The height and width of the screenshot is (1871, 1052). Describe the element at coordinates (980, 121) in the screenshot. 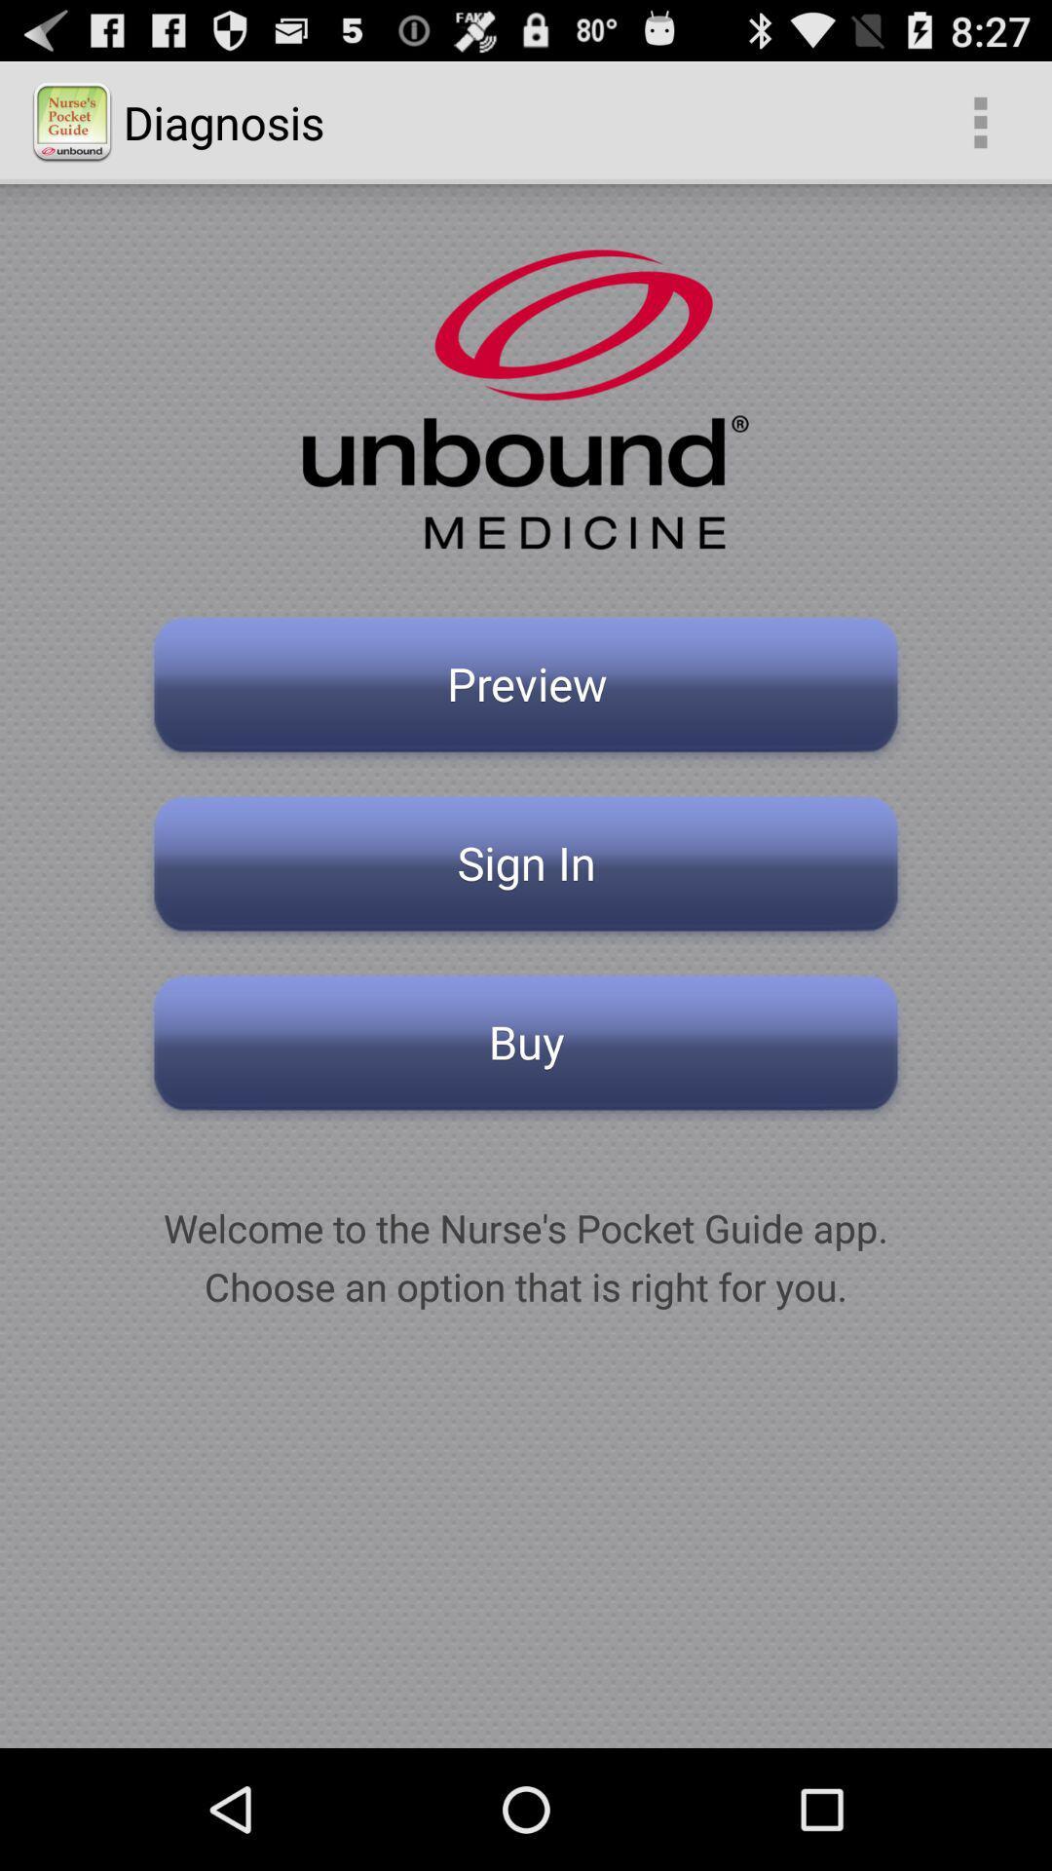

I see `item next to diagnosis item` at that location.